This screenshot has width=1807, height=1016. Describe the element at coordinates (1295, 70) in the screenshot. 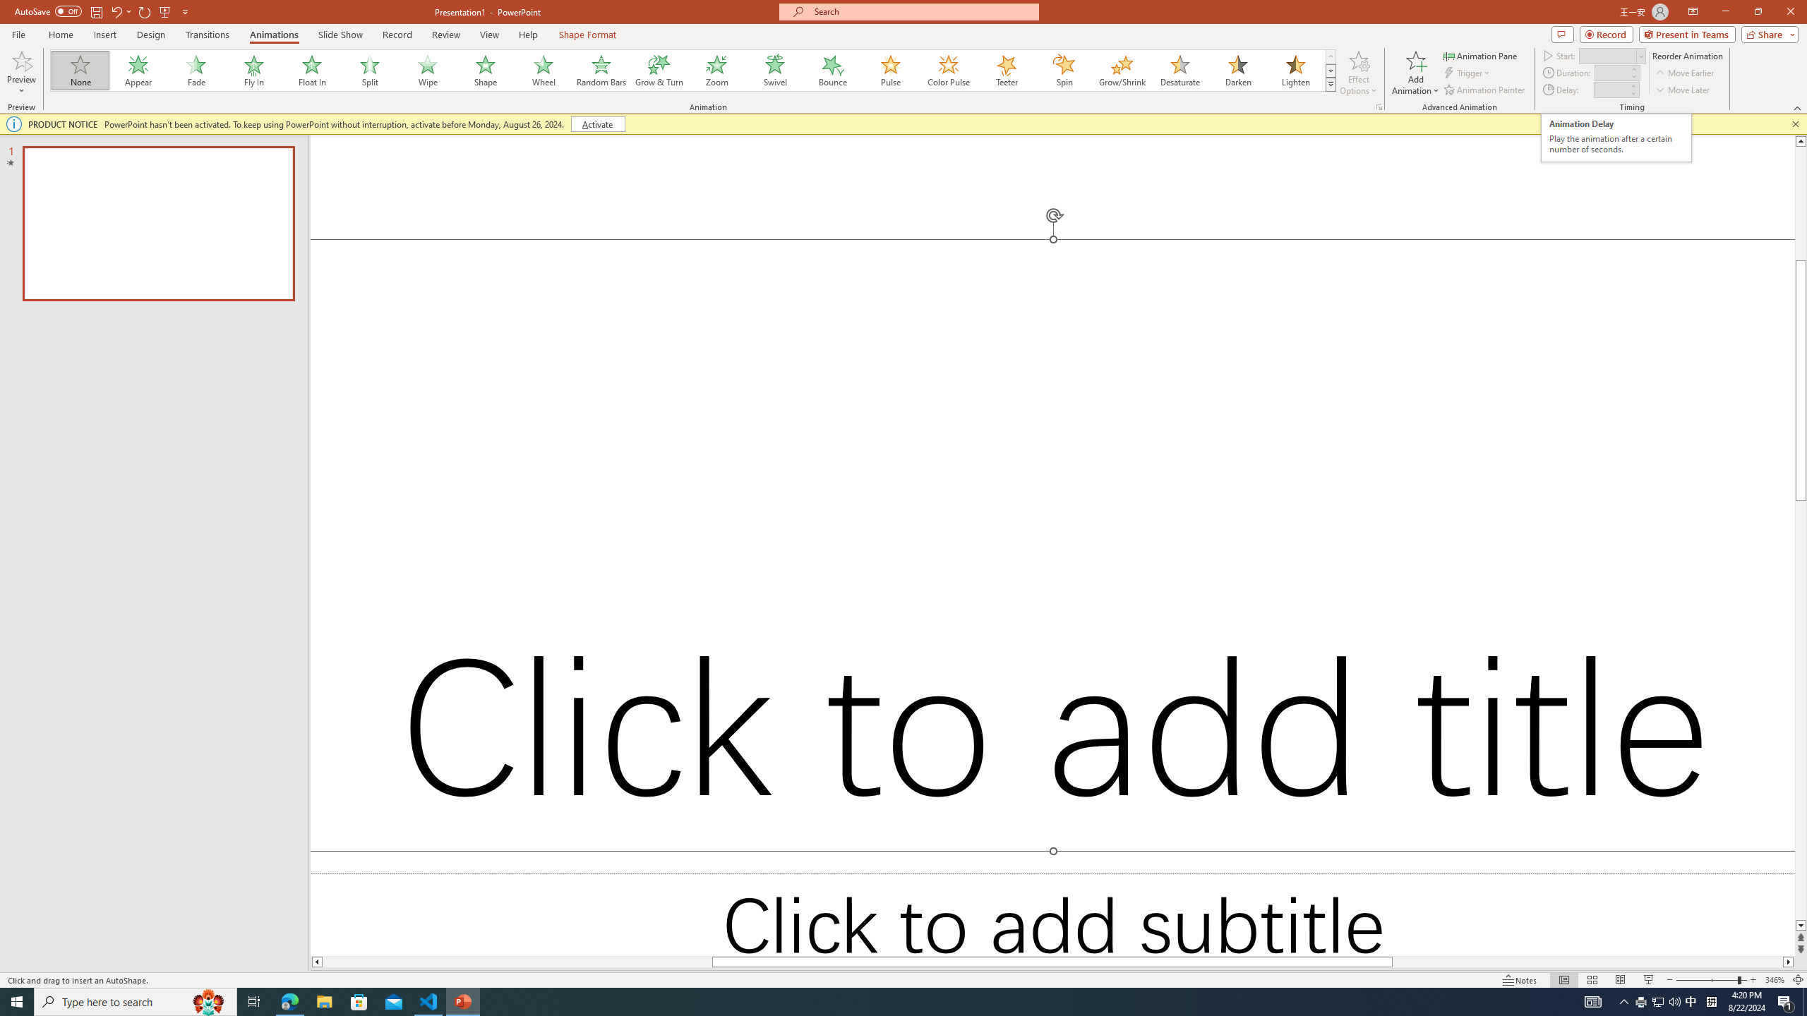

I see `'Lighten'` at that location.